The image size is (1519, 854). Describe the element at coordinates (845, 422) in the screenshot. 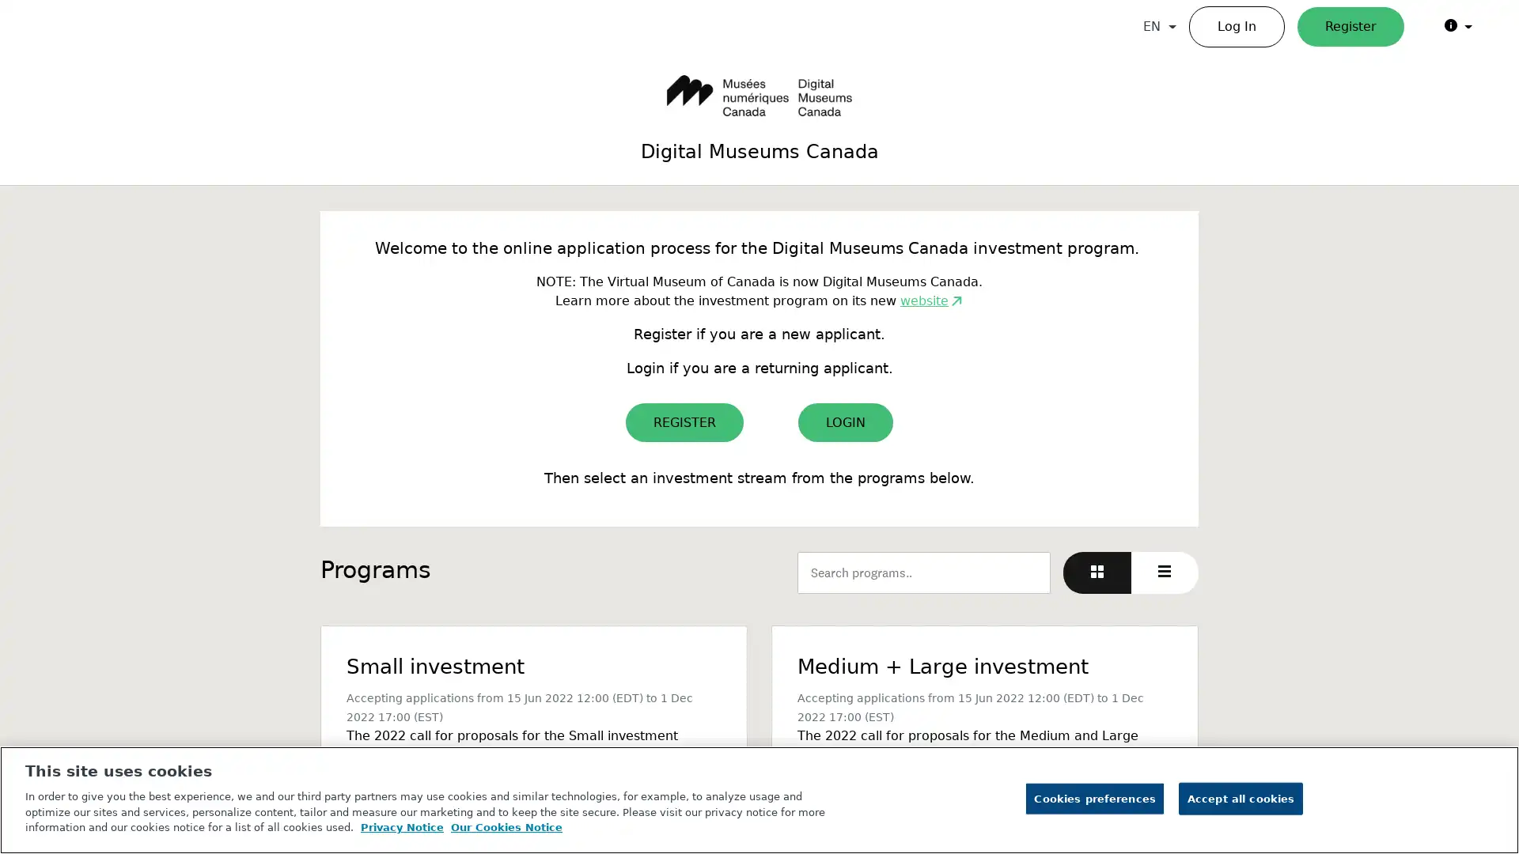

I see `LOGIN` at that location.